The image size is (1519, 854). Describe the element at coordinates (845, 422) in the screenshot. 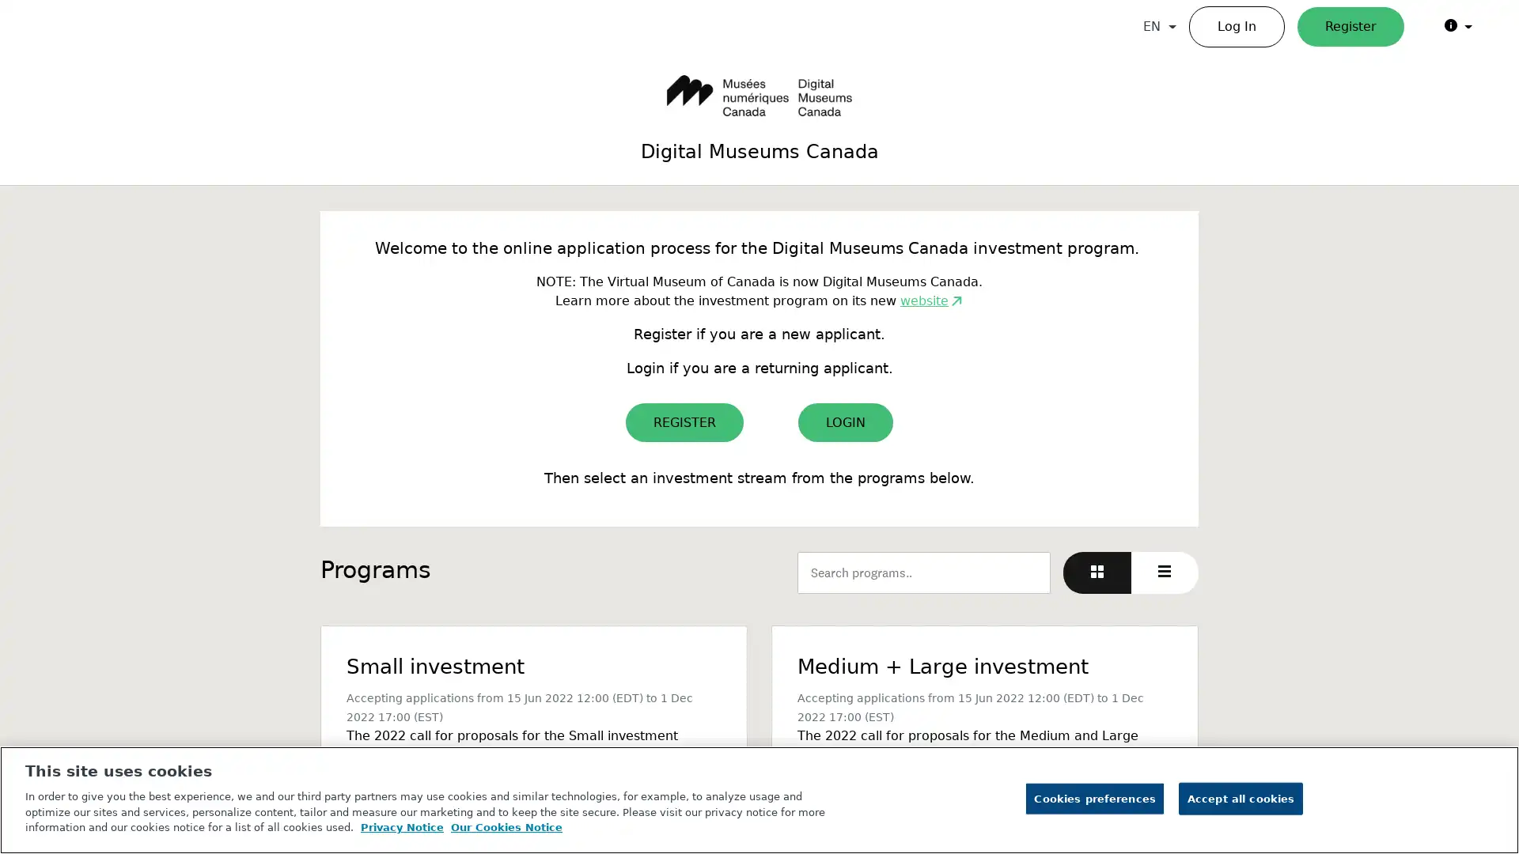

I see `LOGIN` at that location.